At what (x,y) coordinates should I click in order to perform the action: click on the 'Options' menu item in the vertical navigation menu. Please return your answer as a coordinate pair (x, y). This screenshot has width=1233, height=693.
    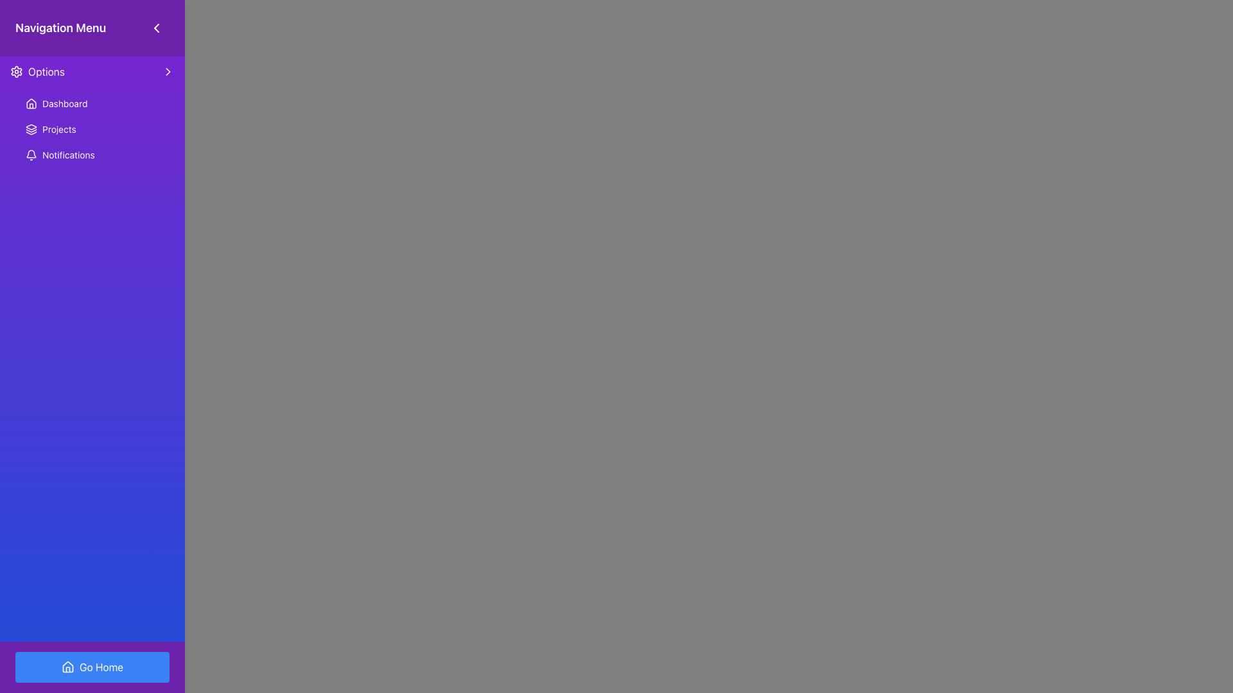
    Looking at the image, I should click on (37, 71).